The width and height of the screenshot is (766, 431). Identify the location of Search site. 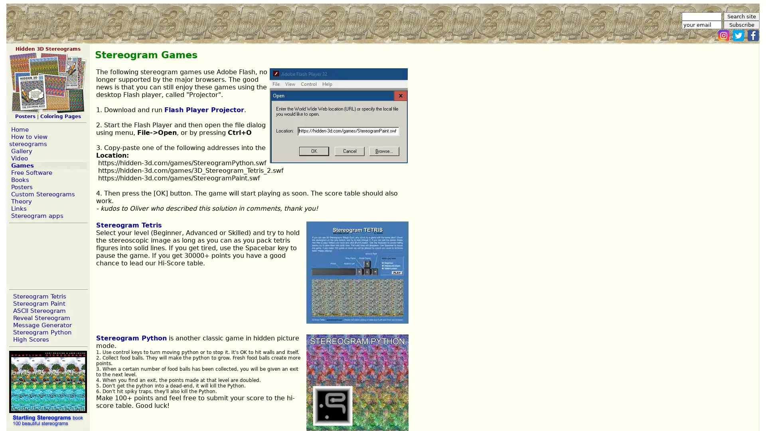
(741, 16).